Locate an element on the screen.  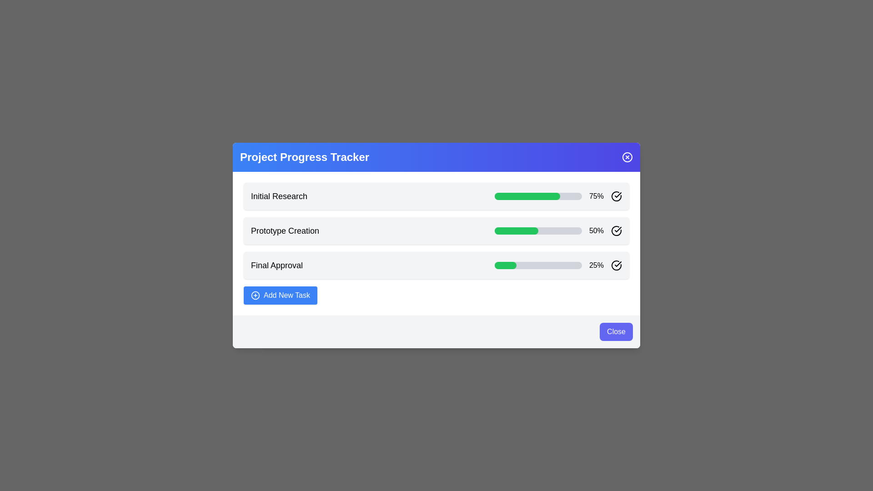
the progress bar representing the completion of the Prototype Creation task, which is visually indicated by the adjacent percentage label (50%) on its right is located at coordinates (538, 230).